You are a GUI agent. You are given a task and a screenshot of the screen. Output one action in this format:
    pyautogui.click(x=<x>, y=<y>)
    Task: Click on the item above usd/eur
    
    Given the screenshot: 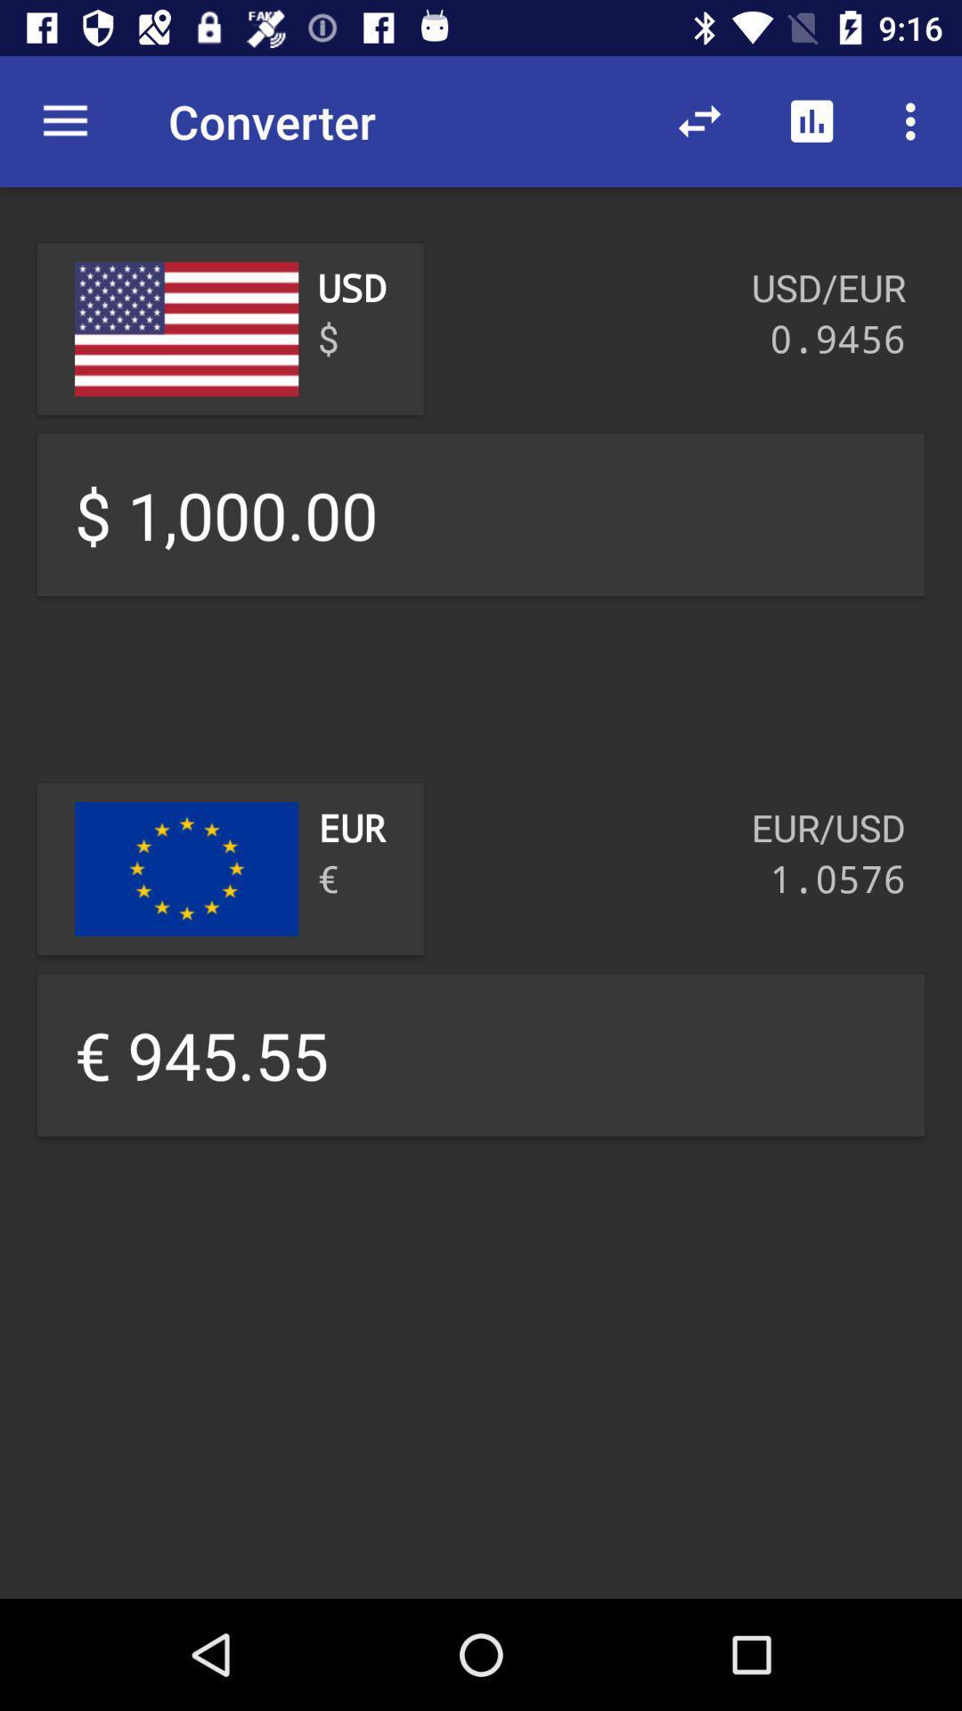 What is the action you would take?
    pyautogui.click(x=699, y=120)
    